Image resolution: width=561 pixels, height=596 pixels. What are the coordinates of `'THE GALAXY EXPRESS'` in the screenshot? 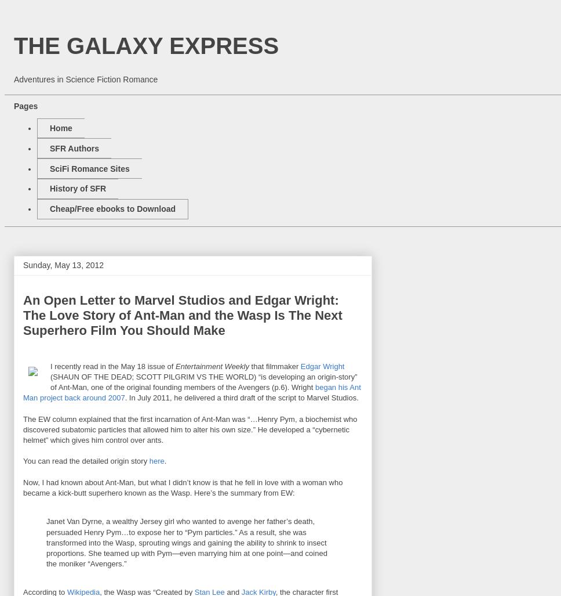 It's located at (146, 44).